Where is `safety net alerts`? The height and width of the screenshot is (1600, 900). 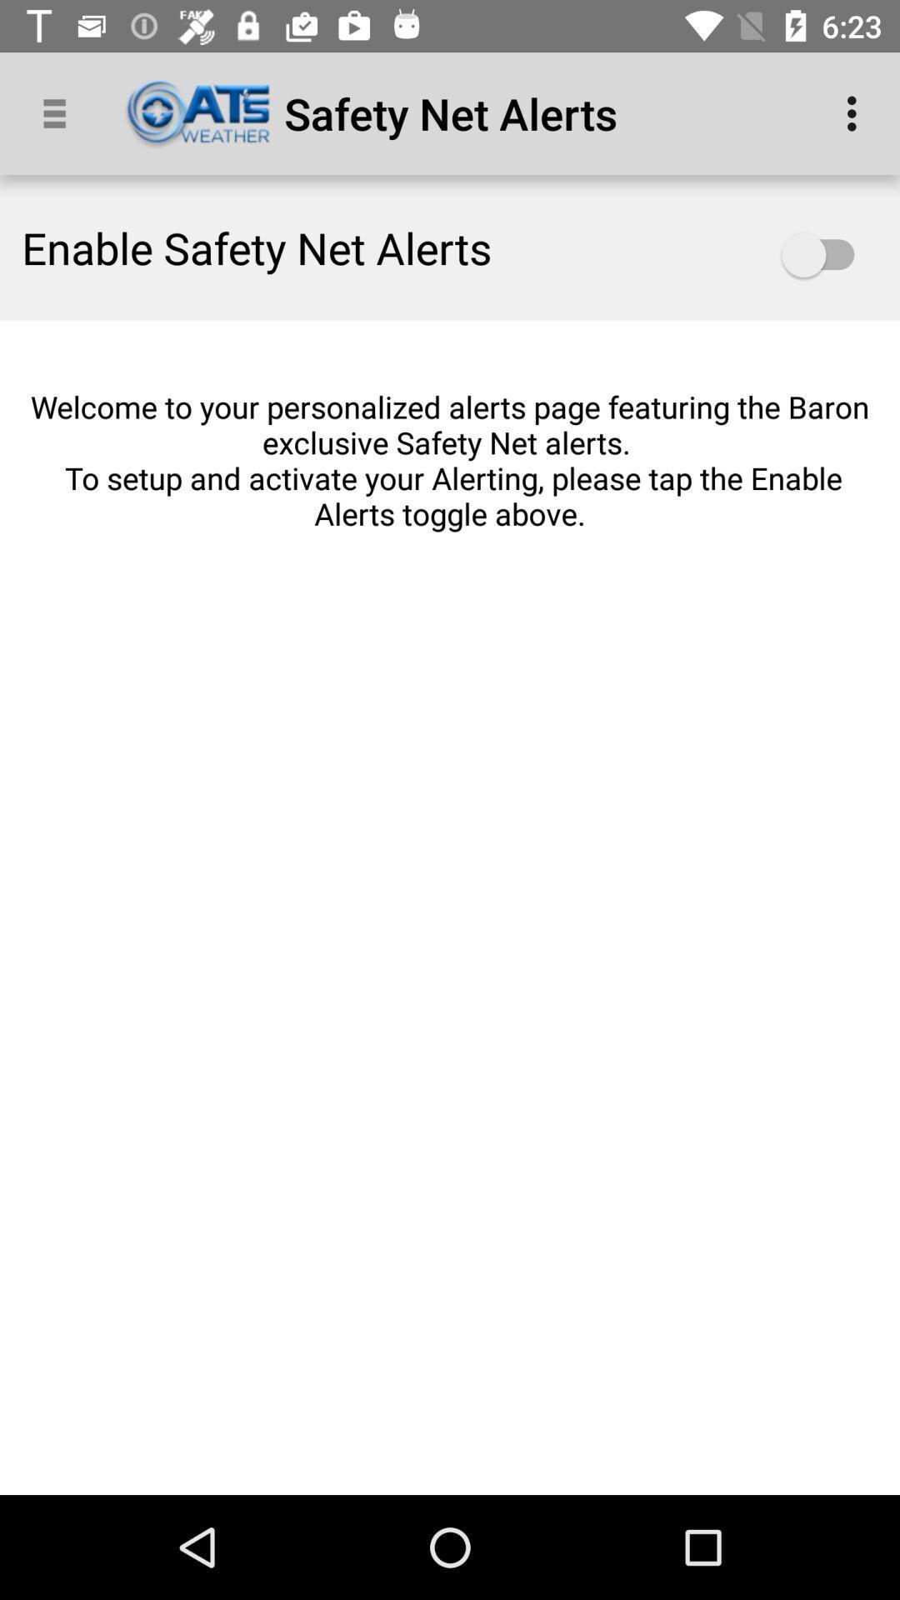
safety net alerts is located at coordinates (826, 254).